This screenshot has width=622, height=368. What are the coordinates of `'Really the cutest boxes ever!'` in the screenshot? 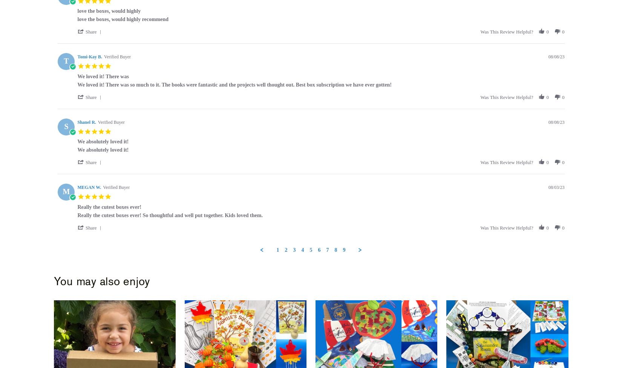 It's located at (109, 207).